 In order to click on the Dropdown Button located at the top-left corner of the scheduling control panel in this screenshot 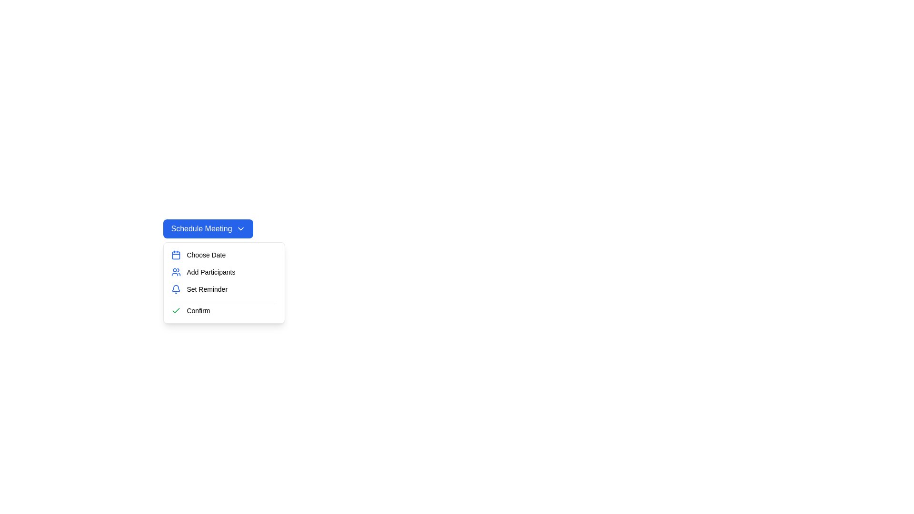, I will do `click(208, 229)`.